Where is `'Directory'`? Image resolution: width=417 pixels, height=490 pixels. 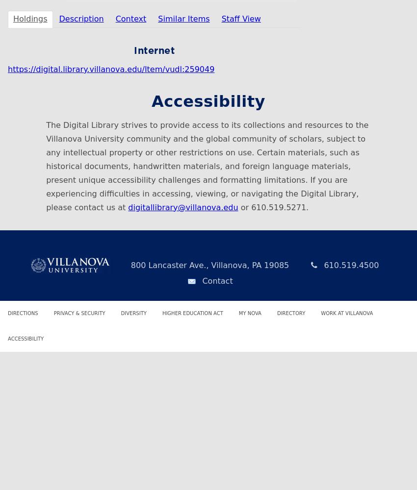
'Directory' is located at coordinates (290, 313).